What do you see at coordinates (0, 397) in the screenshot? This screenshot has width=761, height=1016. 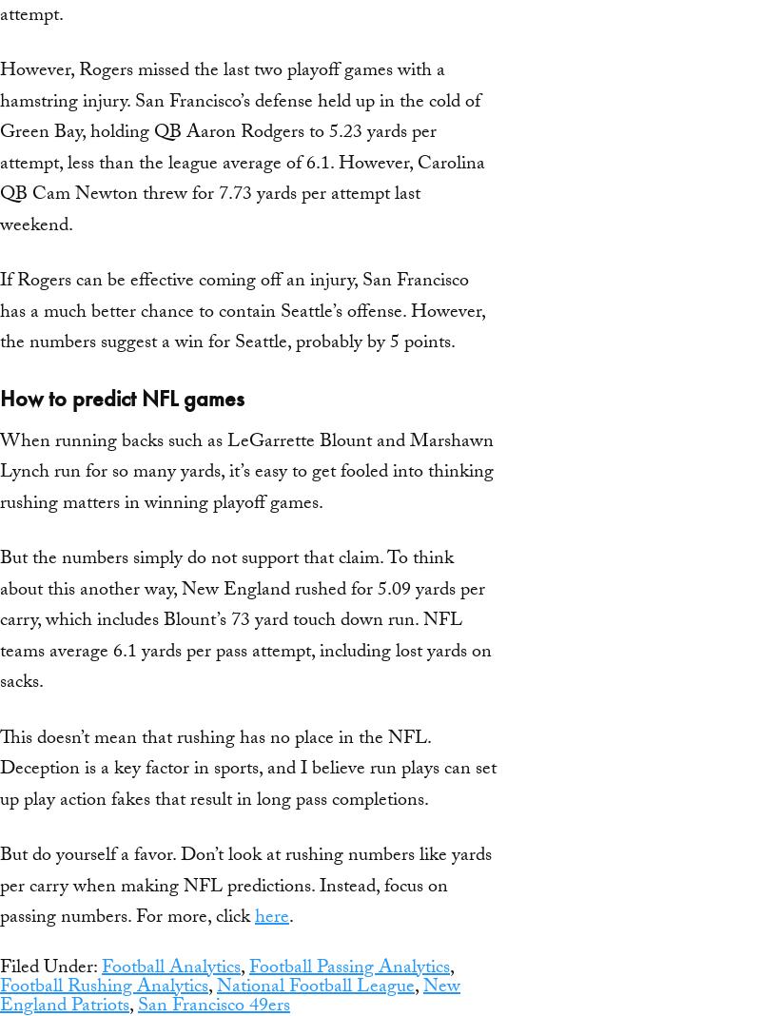 I see `'How to predict NFL games'` at bounding box center [0, 397].